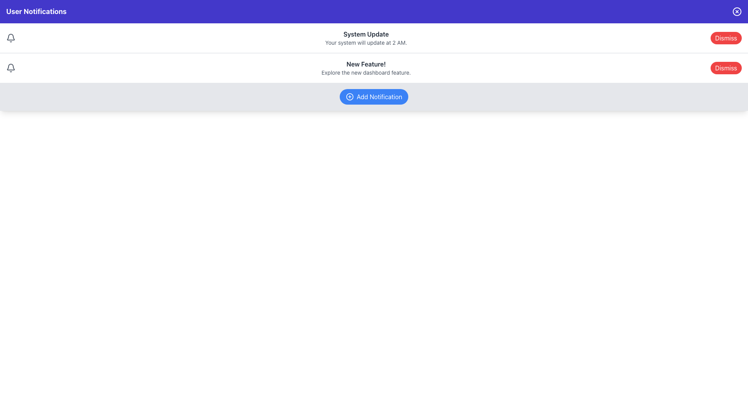  What do you see at coordinates (365, 43) in the screenshot?
I see `the Text label that provides contextual information about the system update, positioned beneath the 'System Update' element` at bounding box center [365, 43].